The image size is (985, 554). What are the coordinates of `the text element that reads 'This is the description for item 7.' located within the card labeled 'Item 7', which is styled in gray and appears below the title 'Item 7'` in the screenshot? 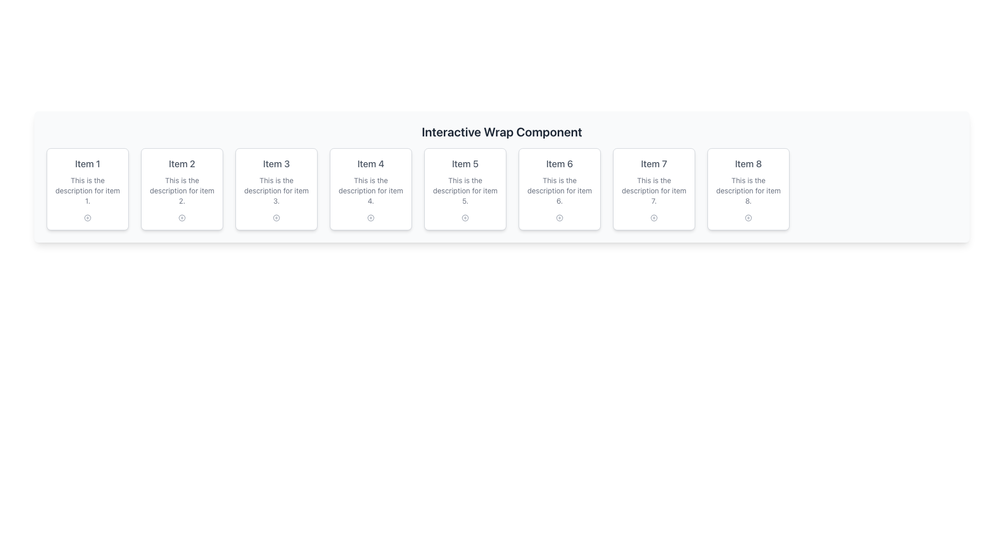 It's located at (654, 190).